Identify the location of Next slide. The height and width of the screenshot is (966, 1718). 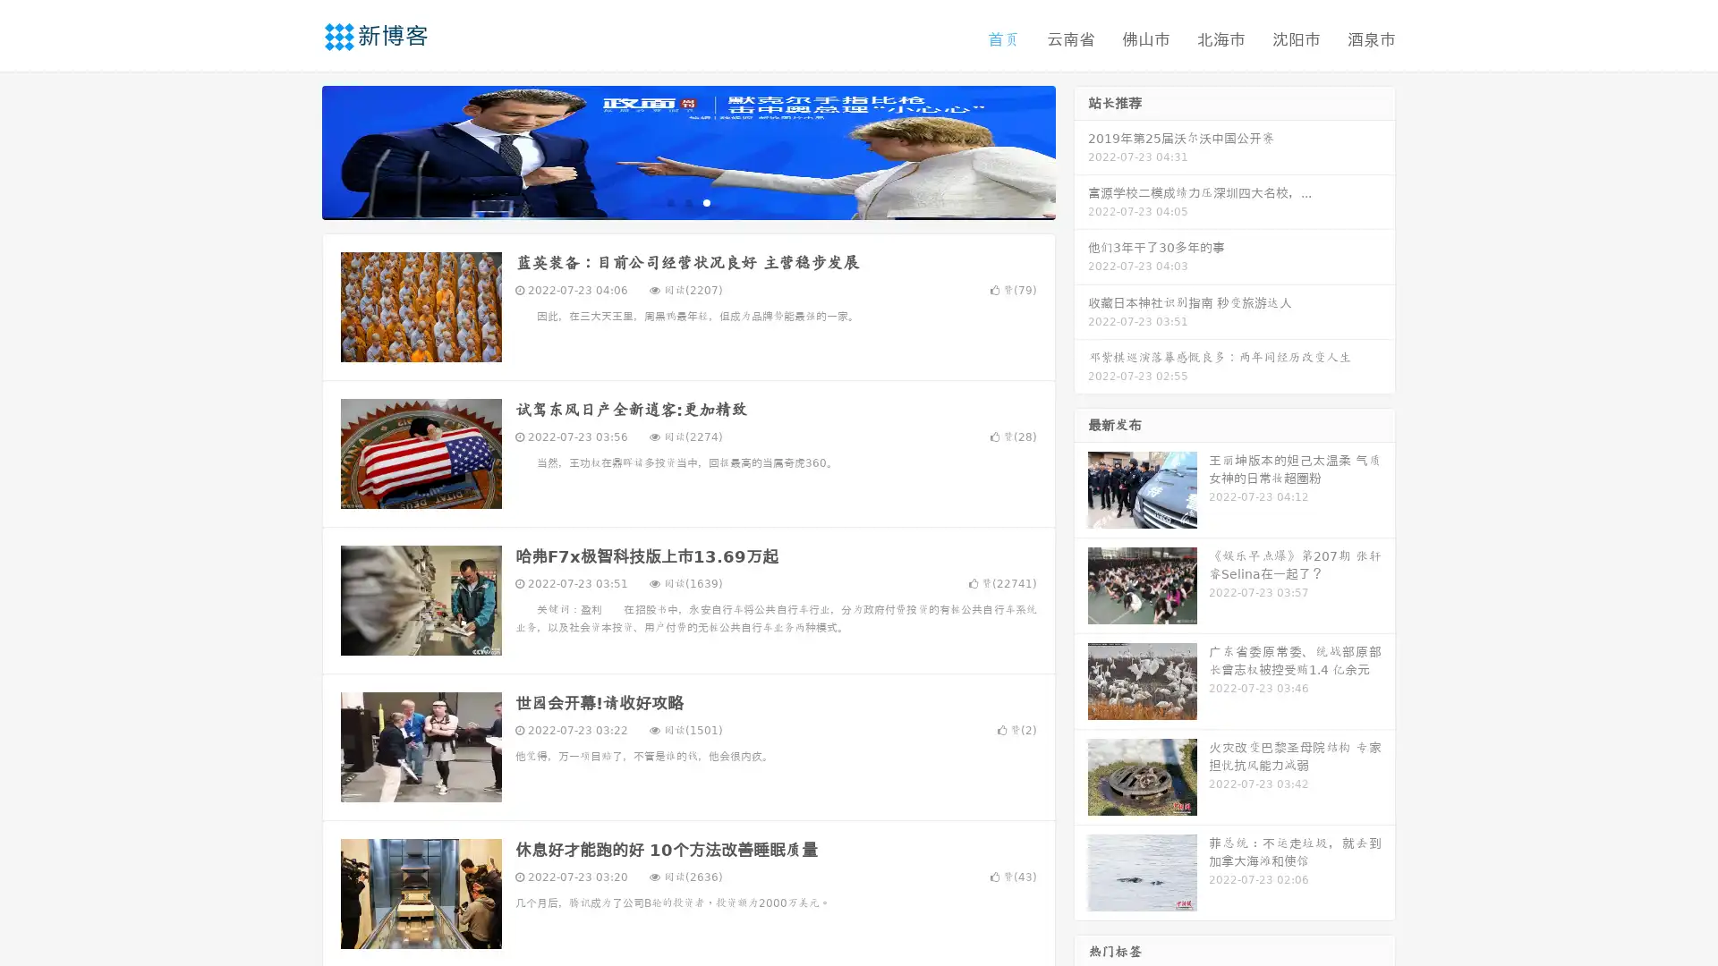
(1081, 150).